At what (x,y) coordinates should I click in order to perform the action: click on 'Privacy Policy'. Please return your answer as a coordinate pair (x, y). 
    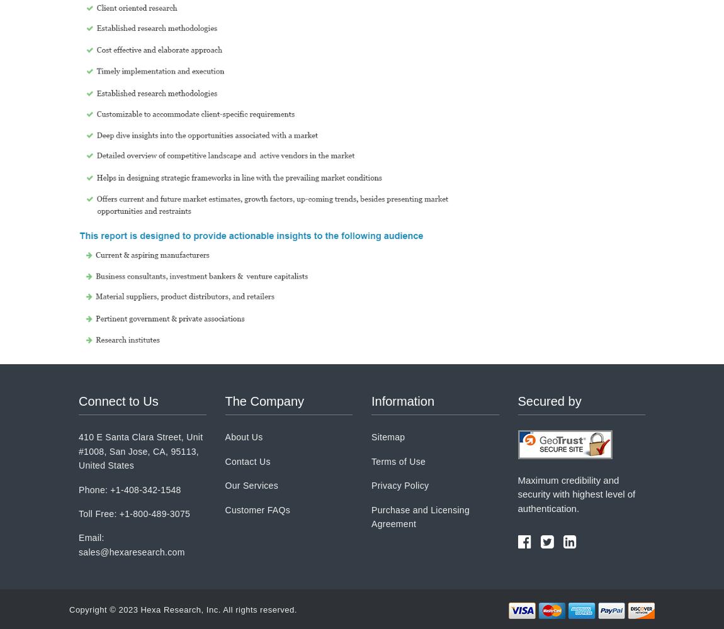
    Looking at the image, I should click on (399, 486).